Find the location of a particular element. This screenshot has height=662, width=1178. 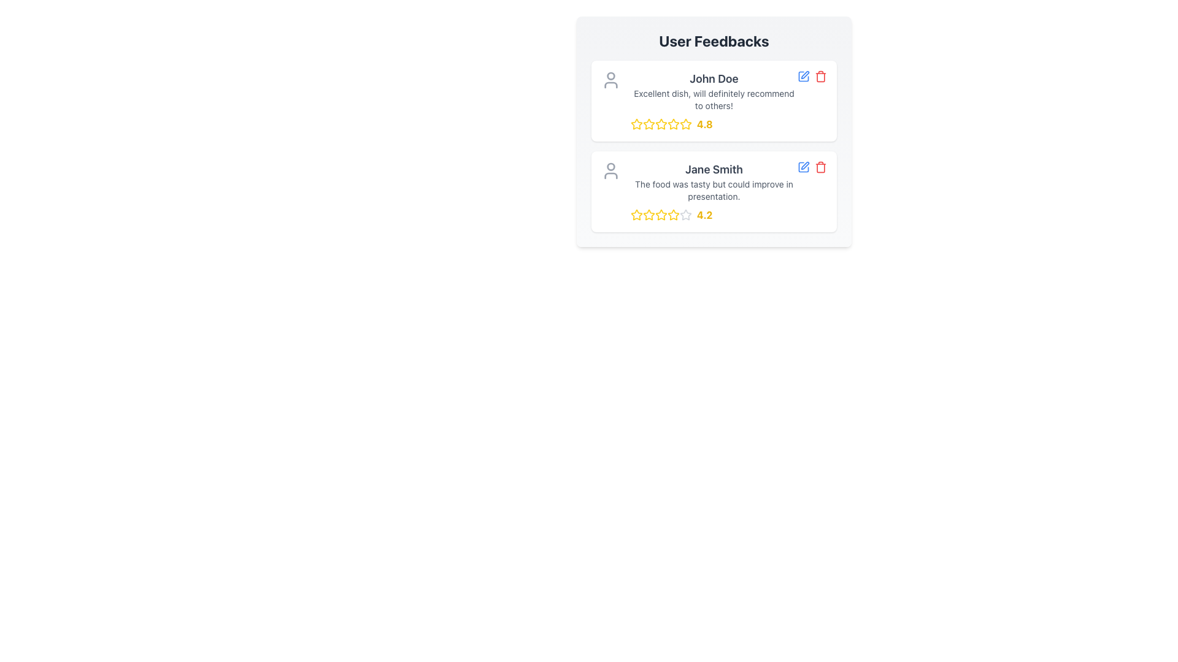

the third star icon in the star rating component located below 'John Doe' and above the rating score of 4.8 is located at coordinates (673, 124).